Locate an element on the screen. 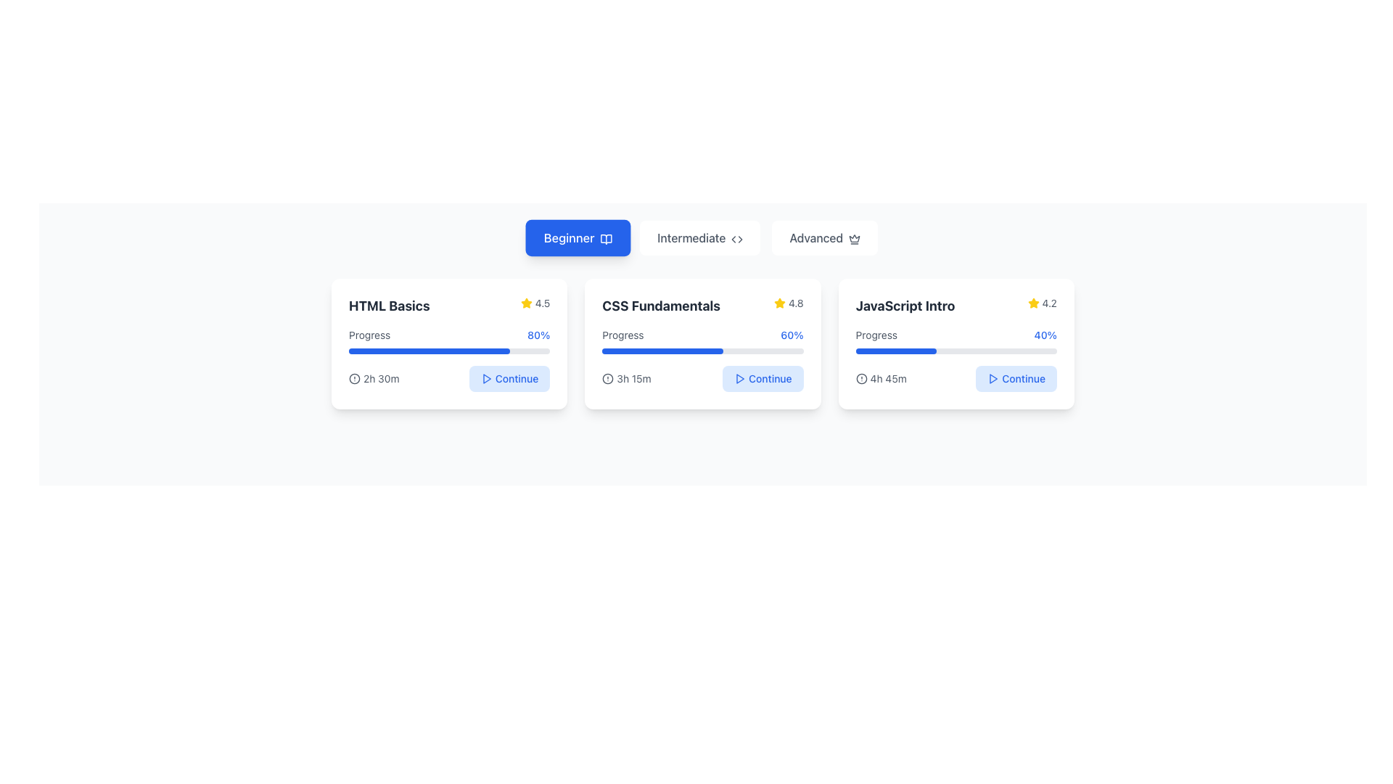 The width and height of the screenshot is (1393, 784). the static text label positioned in the upper-left part of the 'JavaScript Intro' card, which indicates the purpose of the associated progress bar is located at coordinates (876, 335).